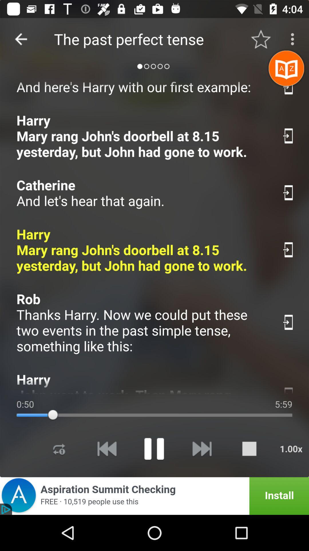 The width and height of the screenshot is (309, 551). Describe the element at coordinates (249, 448) in the screenshot. I see `to stop the currently playing song` at that location.